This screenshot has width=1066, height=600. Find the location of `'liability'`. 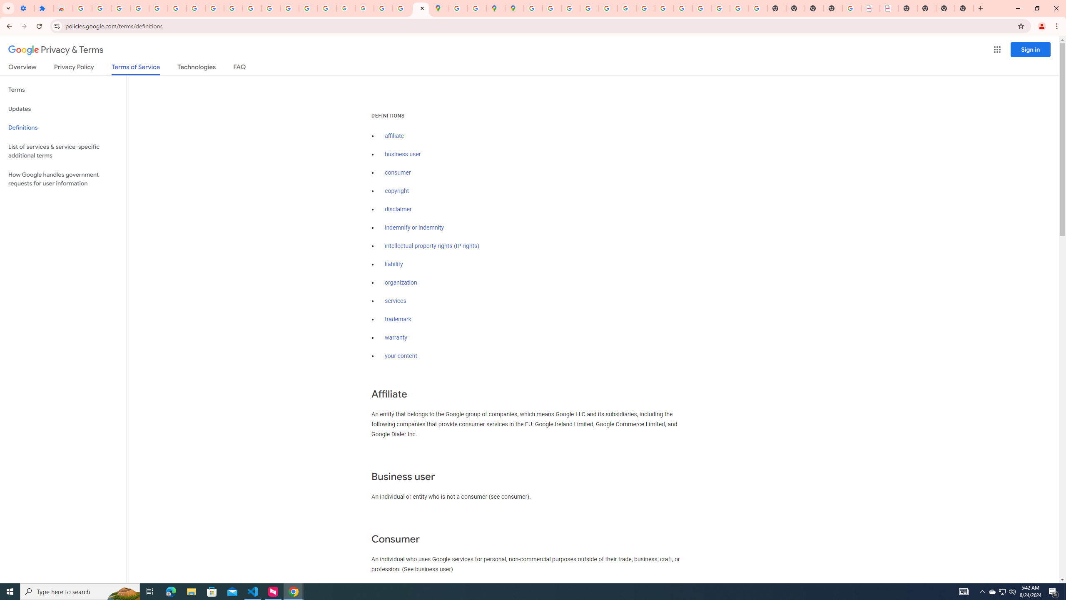

'liability' is located at coordinates (394, 265).